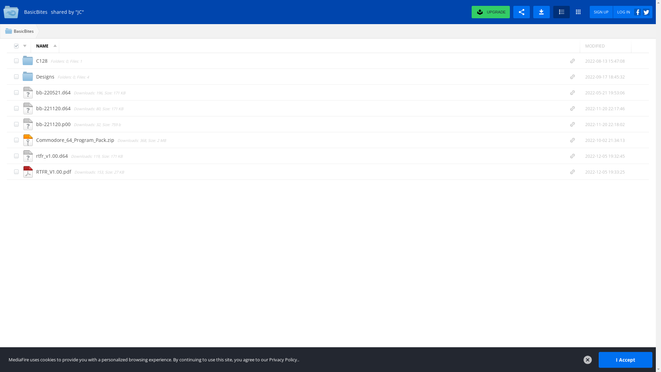 The image size is (661, 372). What do you see at coordinates (605, 45) in the screenshot?
I see `'MODIFIED'` at bounding box center [605, 45].